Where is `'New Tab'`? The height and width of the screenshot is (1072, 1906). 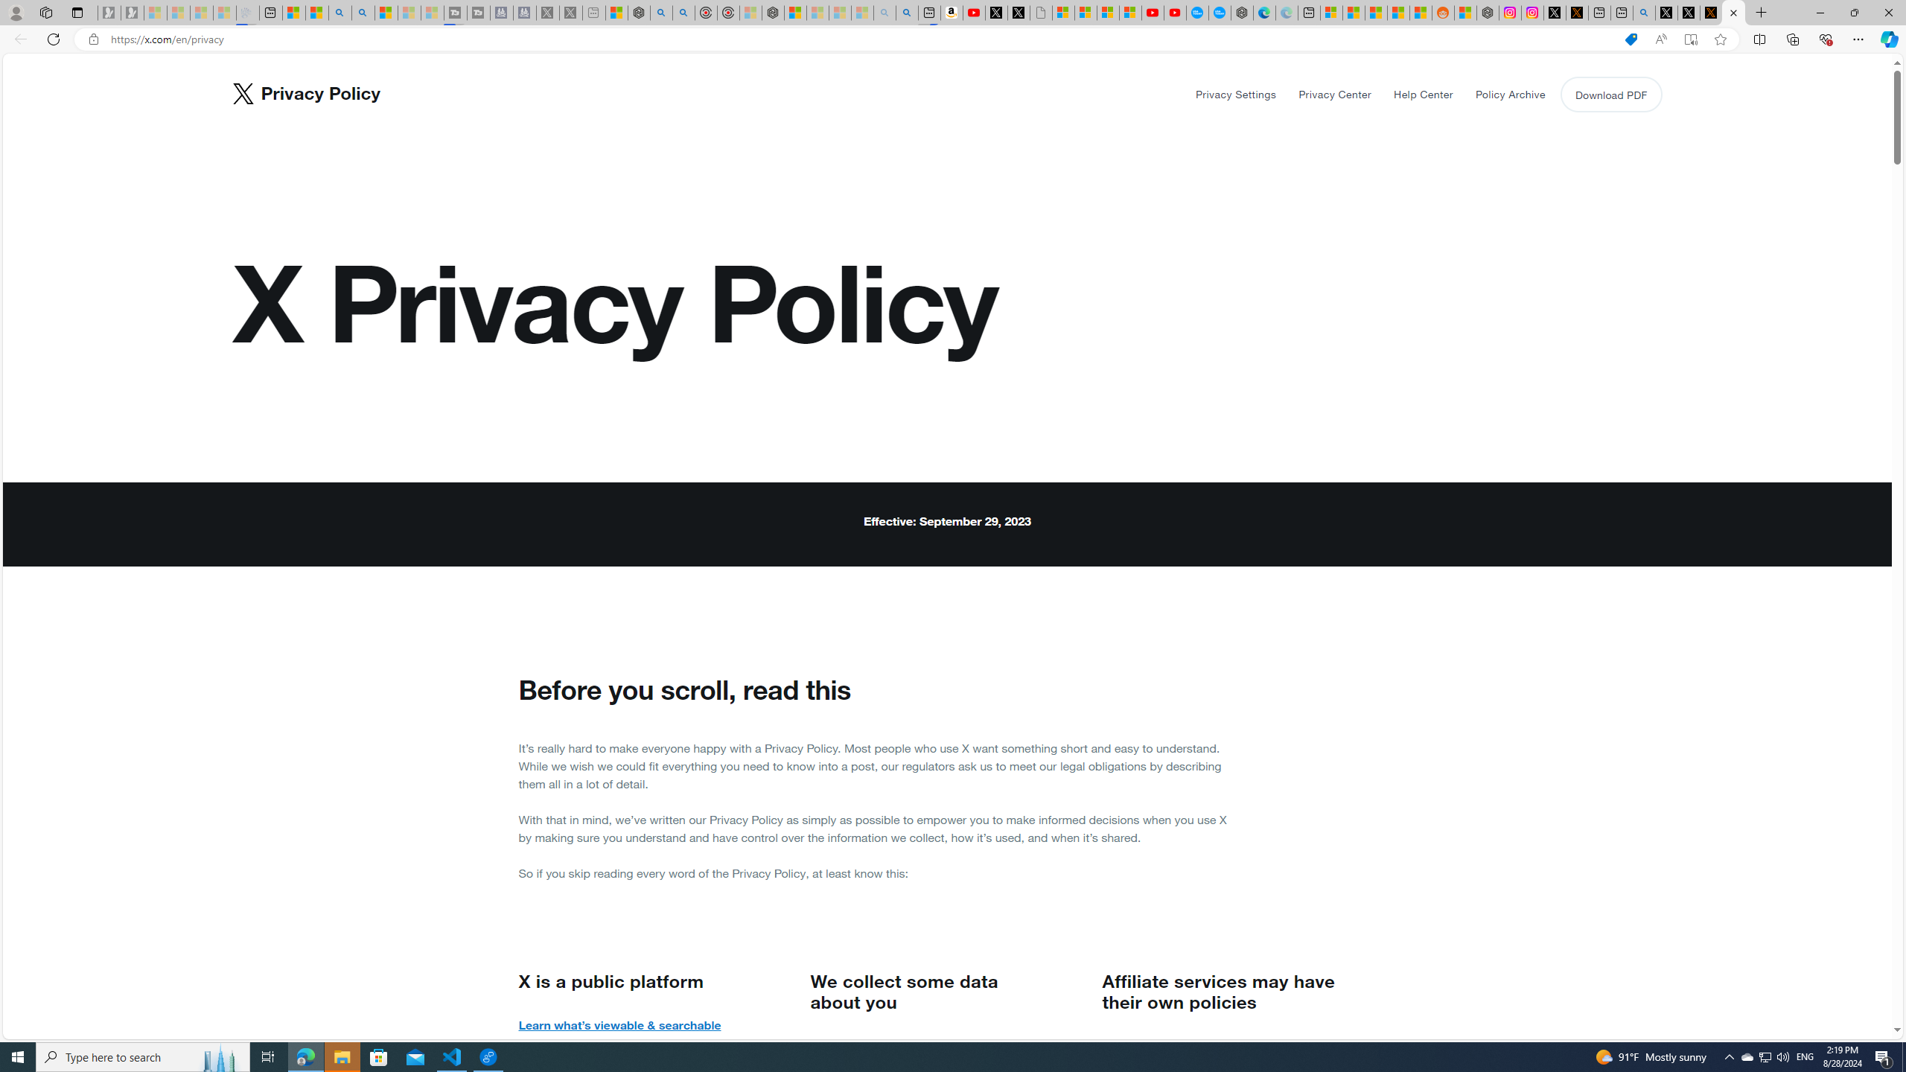
'New Tab' is located at coordinates (1761, 12).